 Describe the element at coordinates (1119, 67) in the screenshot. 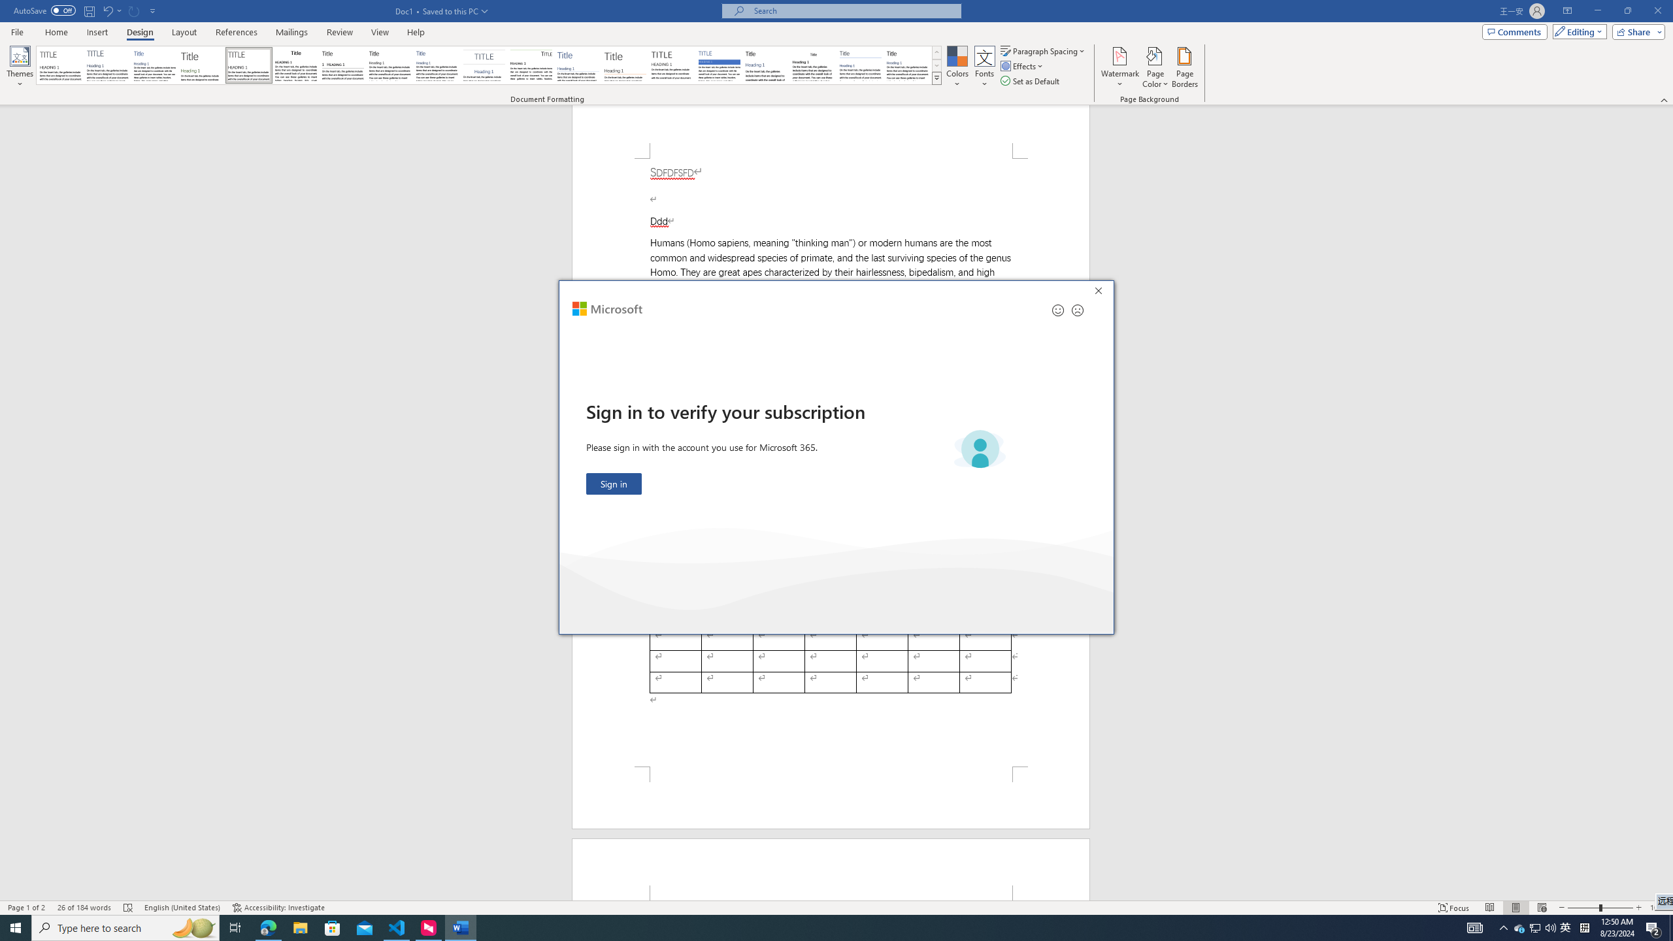

I see `'Watermark'` at that location.